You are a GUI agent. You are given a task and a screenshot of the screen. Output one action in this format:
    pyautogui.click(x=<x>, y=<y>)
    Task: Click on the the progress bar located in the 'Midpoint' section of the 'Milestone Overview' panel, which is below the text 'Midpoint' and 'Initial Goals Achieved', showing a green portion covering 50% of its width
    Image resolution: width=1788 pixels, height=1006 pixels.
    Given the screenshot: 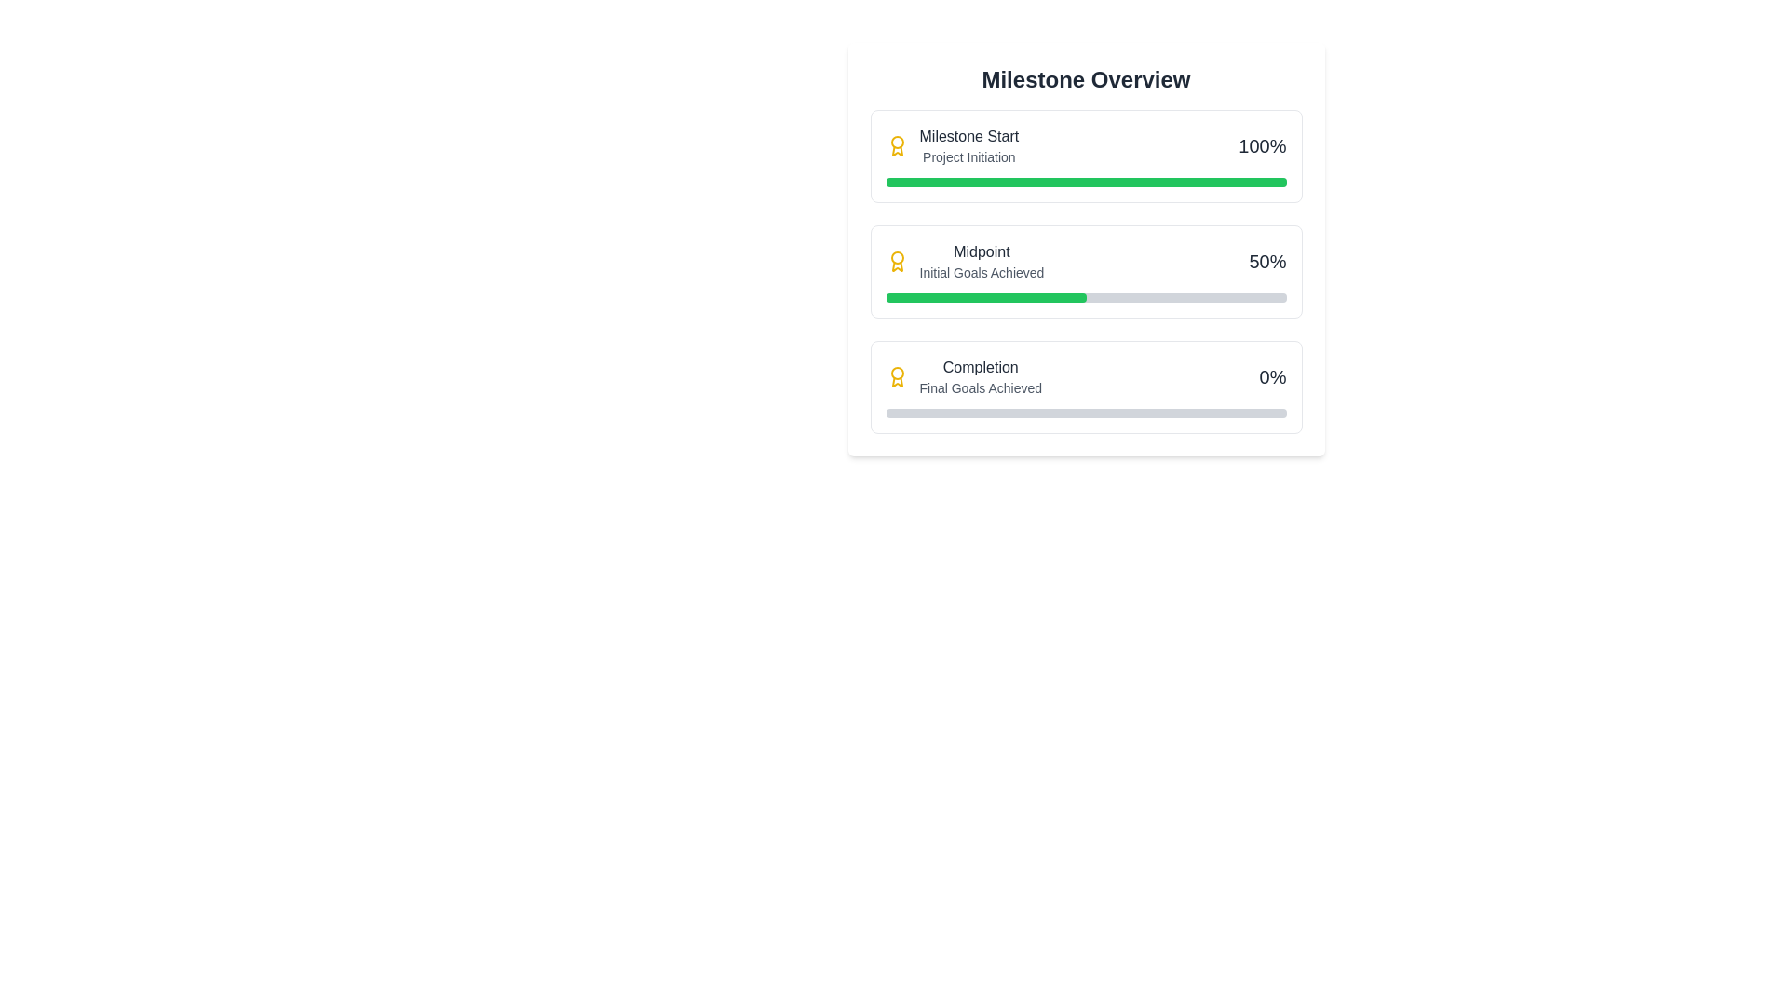 What is the action you would take?
    pyautogui.click(x=1086, y=297)
    